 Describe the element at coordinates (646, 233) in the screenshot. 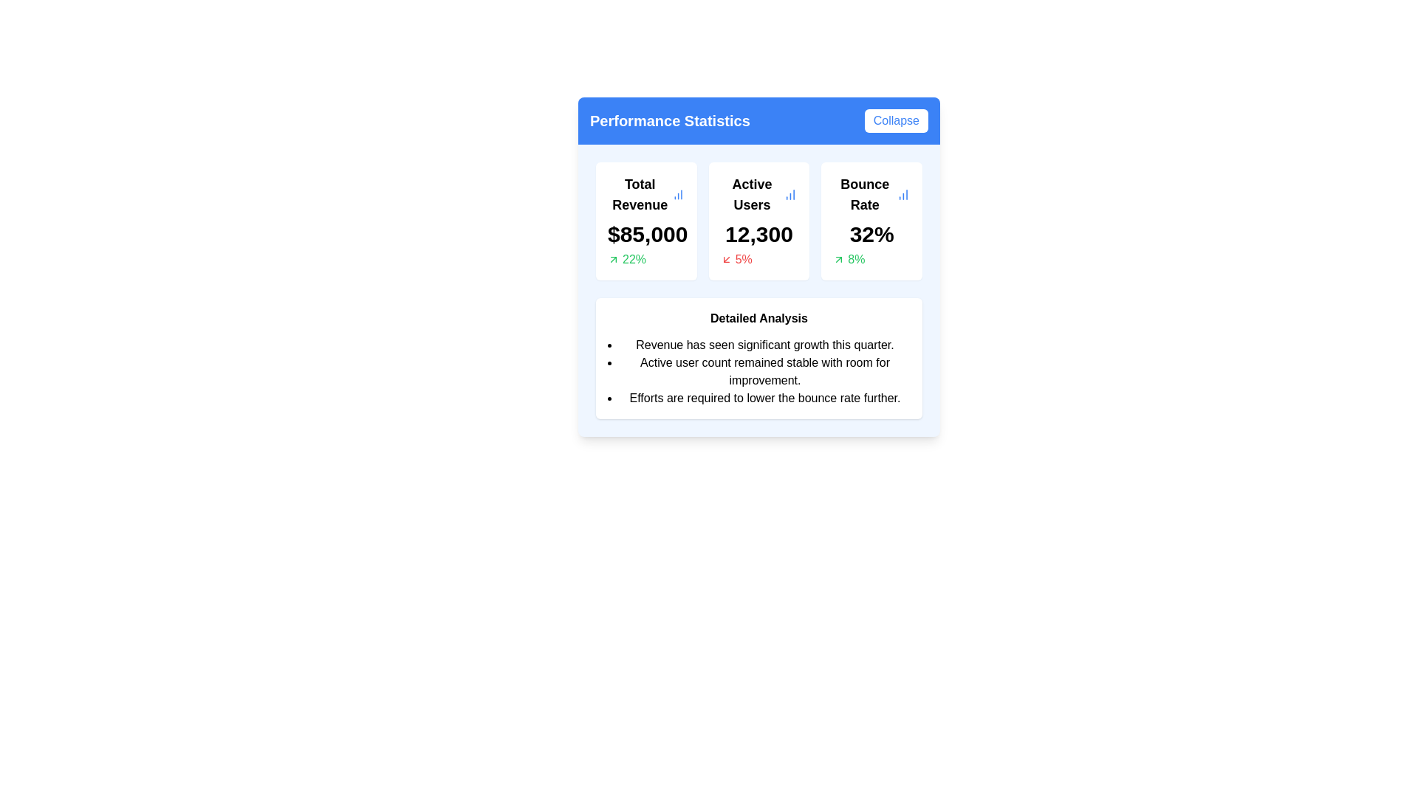

I see `the text label displaying the total revenue amount under the 'Total Revenue' heading to visually comprehend the displayed data` at that location.